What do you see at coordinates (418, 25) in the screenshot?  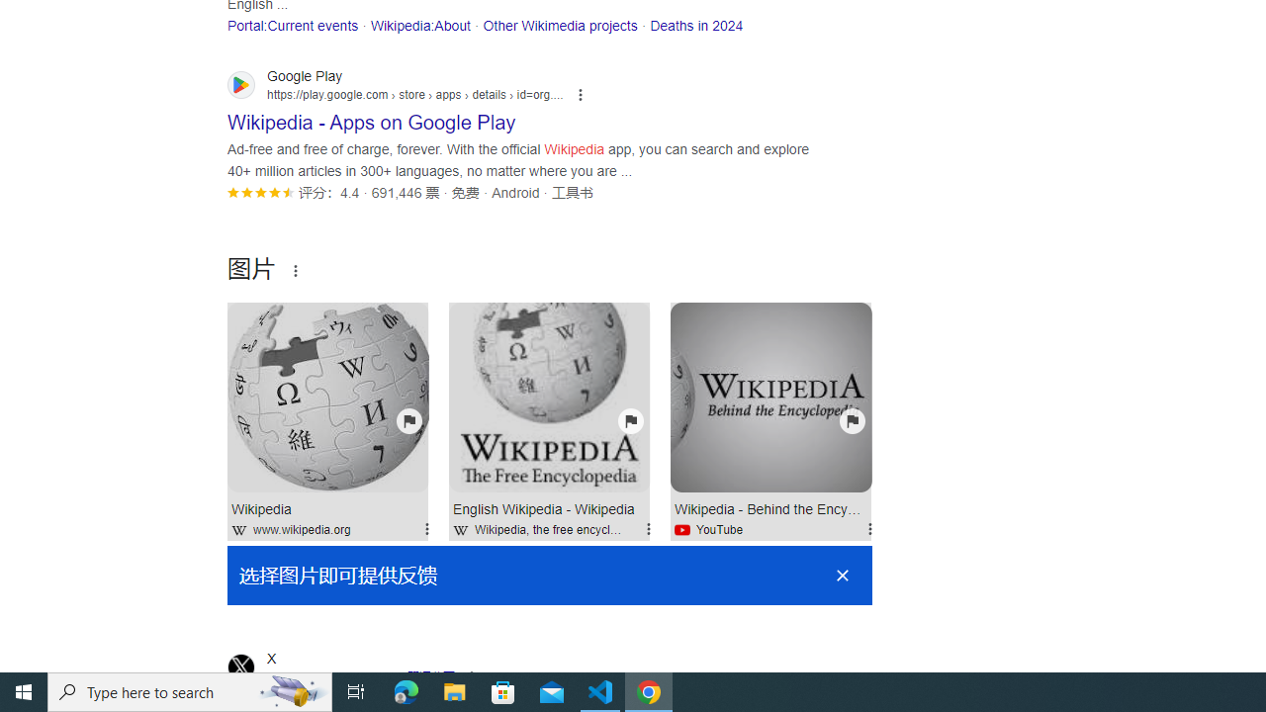 I see `'Wikipedia:About'` at bounding box center [418, 25].